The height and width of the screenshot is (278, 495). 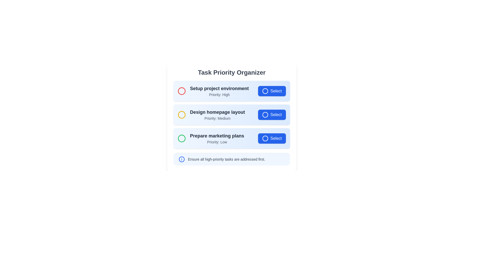 What do you see at coordinates (231, 159) in the screenshot?
I see `information provided in the Information box with a blue information icon stating 'Ensure all high-priority tasks are addressed first.'` at bounding box center [231, 159].